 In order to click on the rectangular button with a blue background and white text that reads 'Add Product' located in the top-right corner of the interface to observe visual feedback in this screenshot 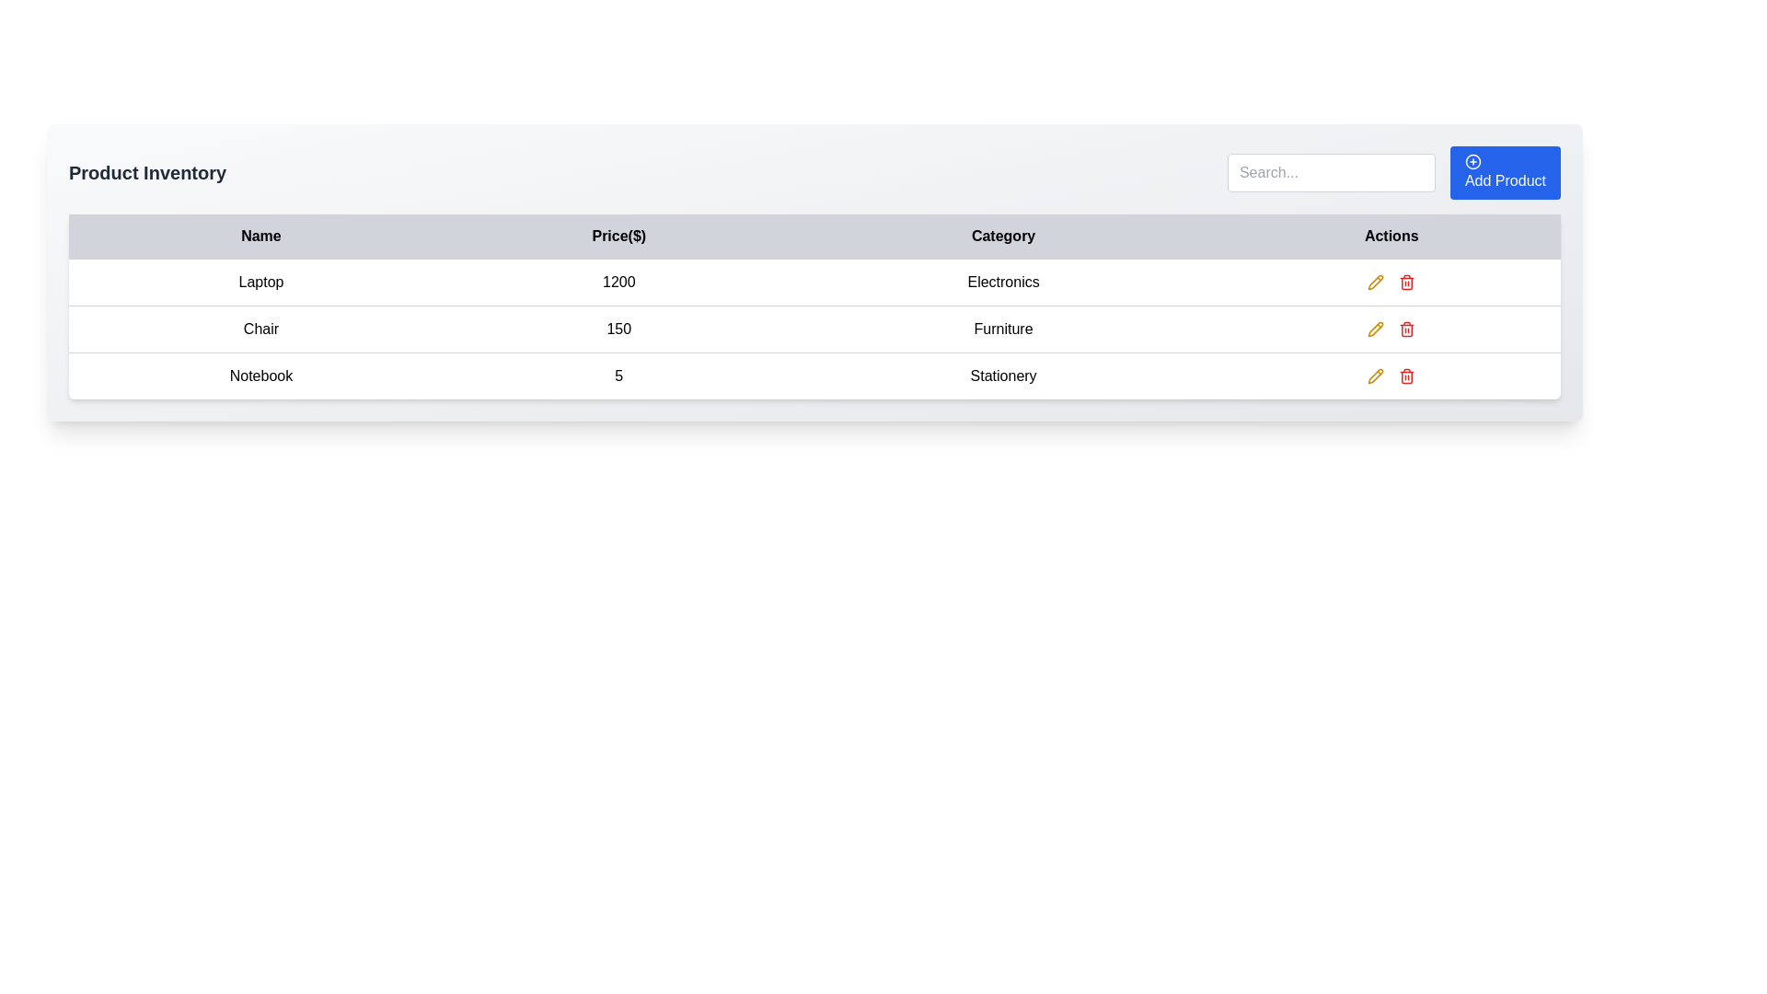, I will do `click(1506, 173)`.